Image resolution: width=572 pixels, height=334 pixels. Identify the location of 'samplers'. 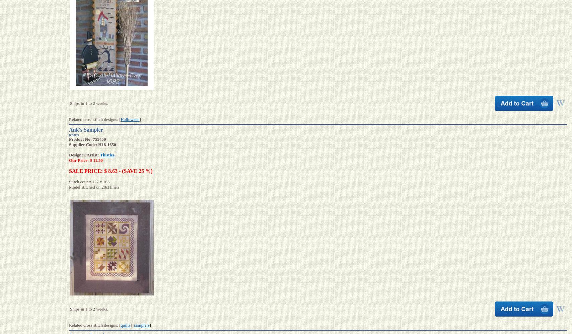
(142, 325).